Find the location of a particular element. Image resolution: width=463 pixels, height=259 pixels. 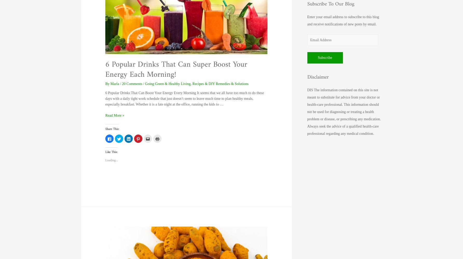

'Going Green & Healthy Living' is located at coordinates (167, 83).